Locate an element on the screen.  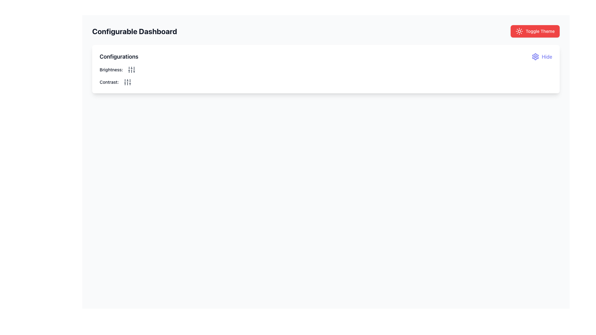
the 'Brightness:' text label in the Configurations section of the dashboard, which is the first item in the list and left-aligned with brightness control elements is located at coordinates (111, 69).